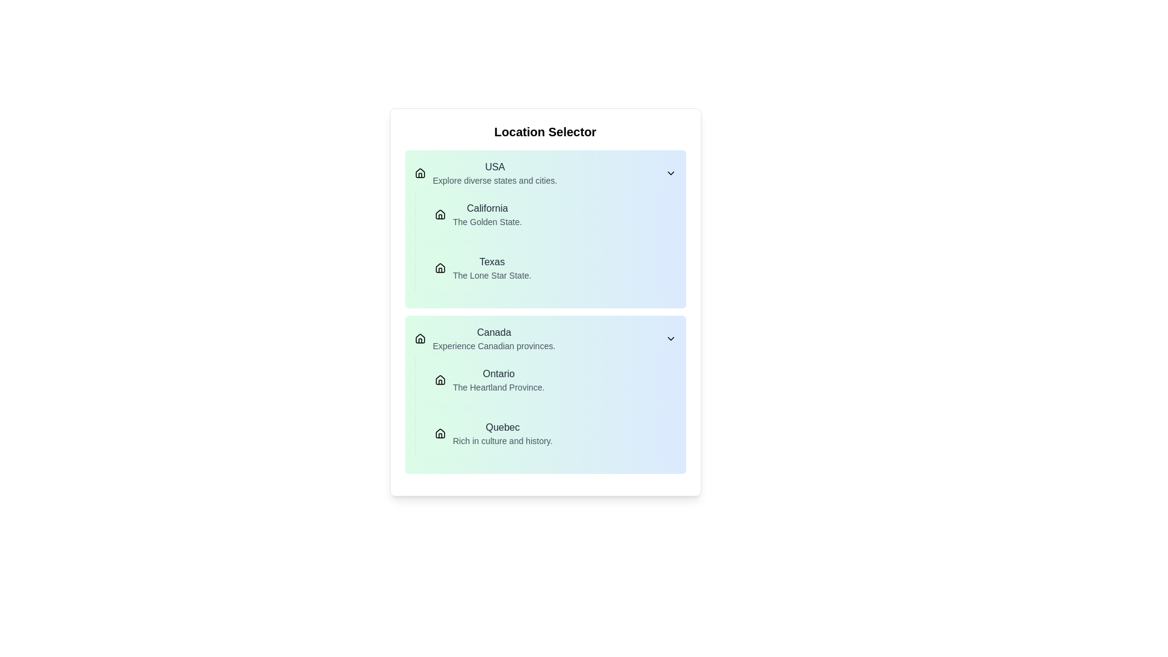 This screenshot has height=657, width=1168. What do you see at coordinates (495, 173) in the screenshot?
I see `the text block displaying 'USA' and the description 'Explore diverse states and cities.'` at bounding box center [495, 173].